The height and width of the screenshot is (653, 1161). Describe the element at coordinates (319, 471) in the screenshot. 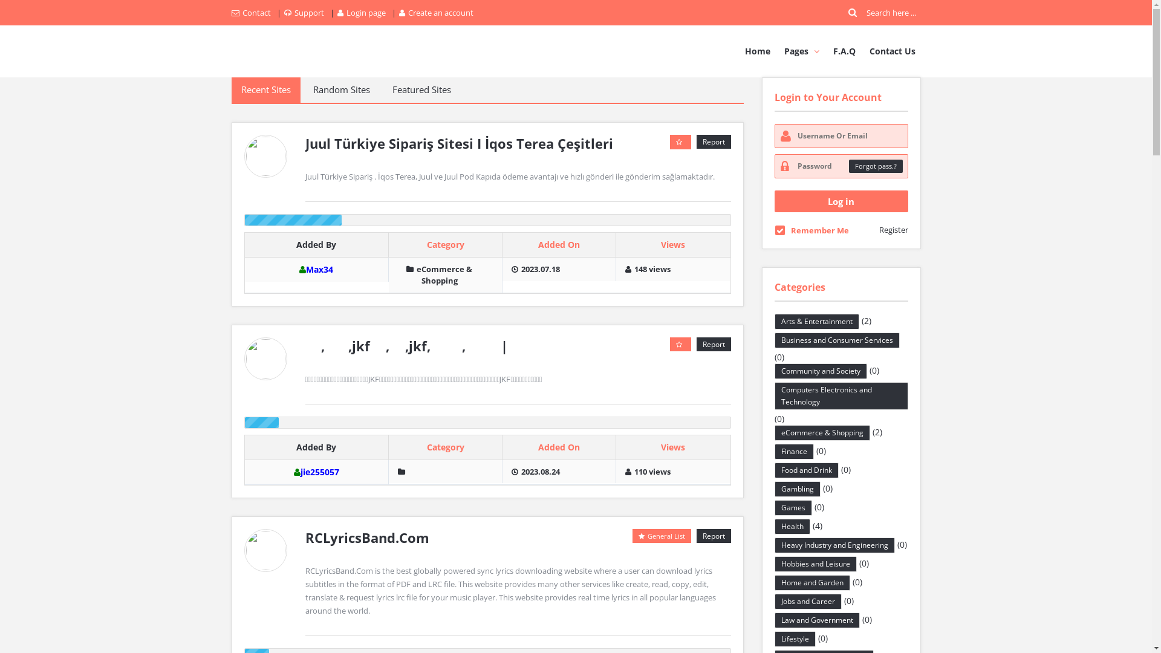

I see `'jie255057'` at that location.